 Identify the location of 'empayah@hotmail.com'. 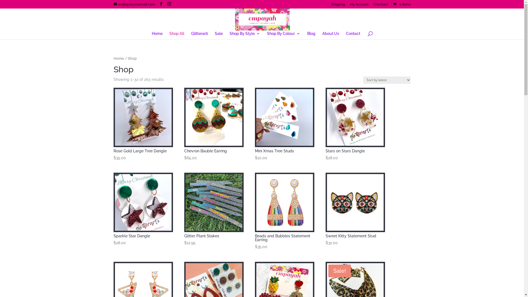
(134, 4).